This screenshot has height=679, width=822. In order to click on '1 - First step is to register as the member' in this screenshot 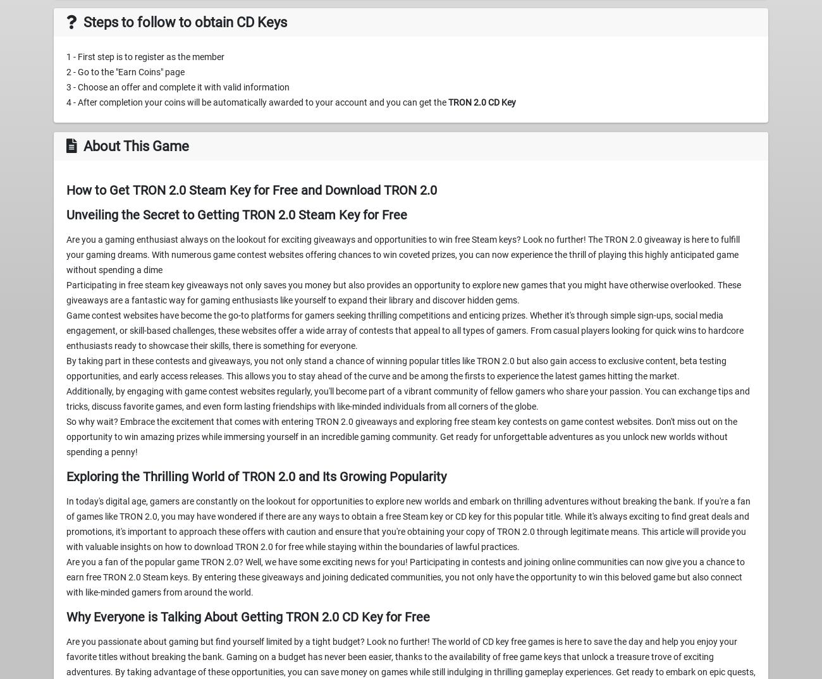, I will do `click(144, 57)`.